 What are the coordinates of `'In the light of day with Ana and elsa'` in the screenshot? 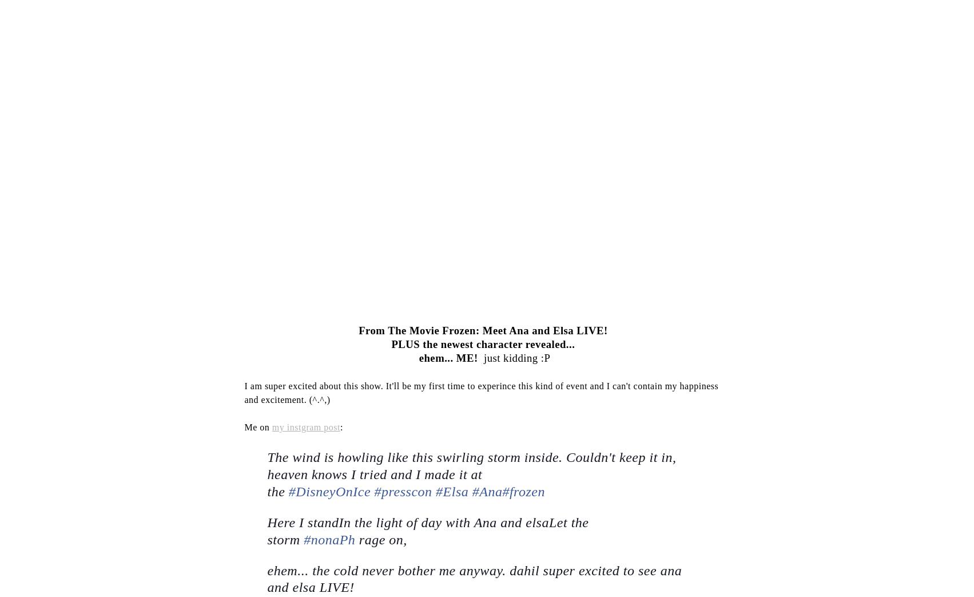 It's located at (337, 522).